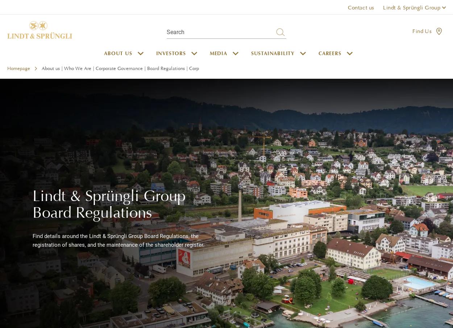  What do you see at coordinates (109, 204) in the screenshot?
I see `'Lindt & Sprüngli Group Board Regulations'` at bounding box center [109, 204].